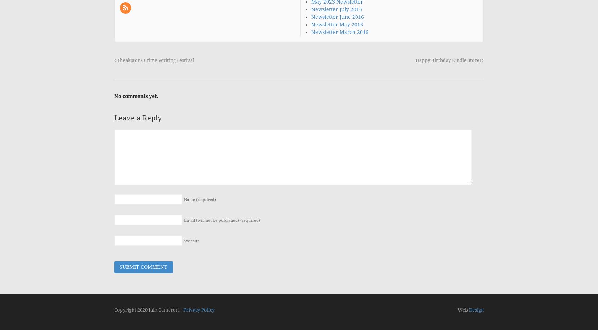 This screenshot has width=598, height=330. Describe the element at coordinates (155, 60) in the screenshot. I see `'Theakstons Crime Writing Festival'` at that location.